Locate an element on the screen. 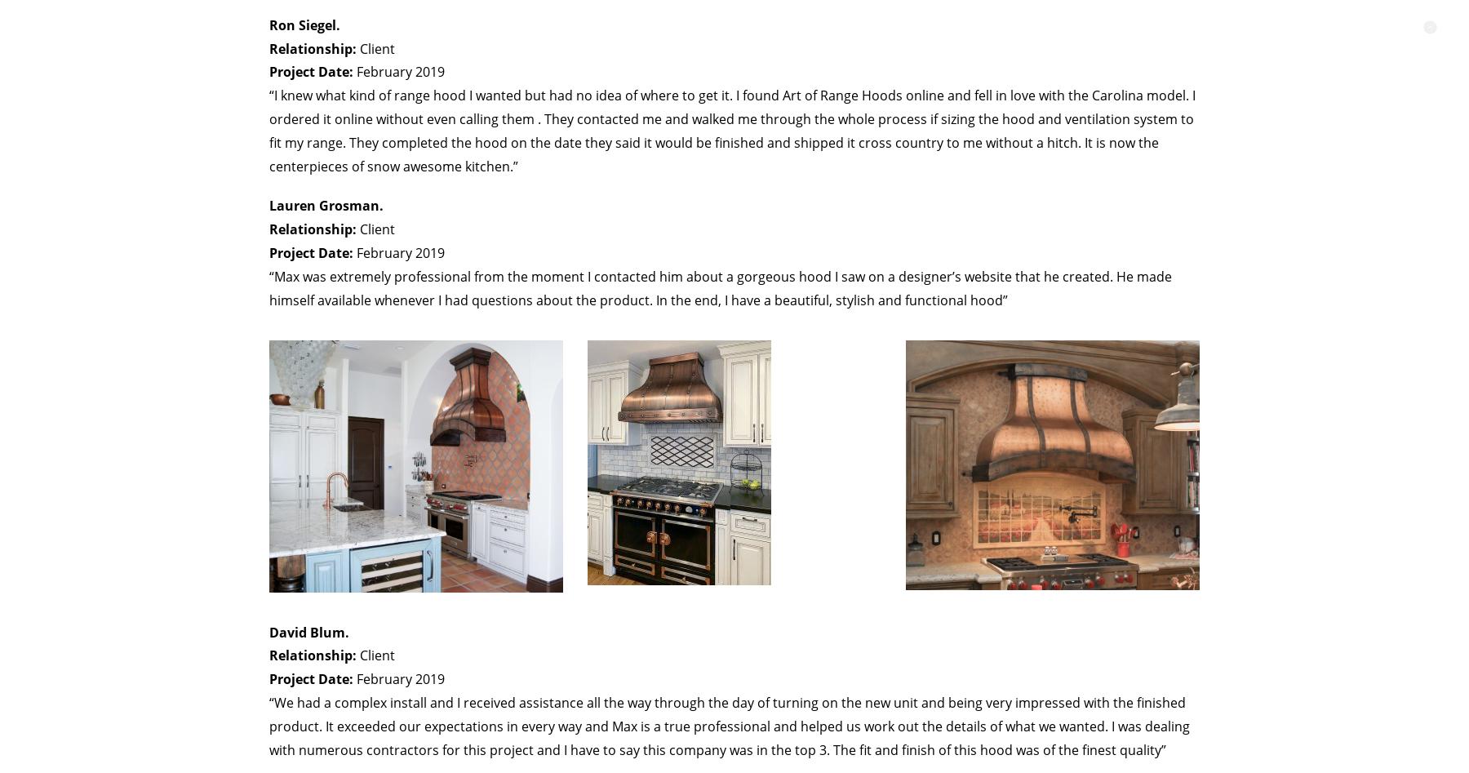 The width and height of the screenshot is (1469, 773). '“I knew what kind of range hood I wanted but had no idea of where to get it. I found Art of Range Hoods online and fell in love with the Carolina model. I ordered it online without even calling them . They contacted me and walked me through the whole process if sizing the hood and ventilation system to fit my range. They completed the hood on the date they said it would be finished and shipped it cross country to me without a hitch. It is now the centerpieces of snow awesome kitchen.”' is located at coordinates (732, 130).